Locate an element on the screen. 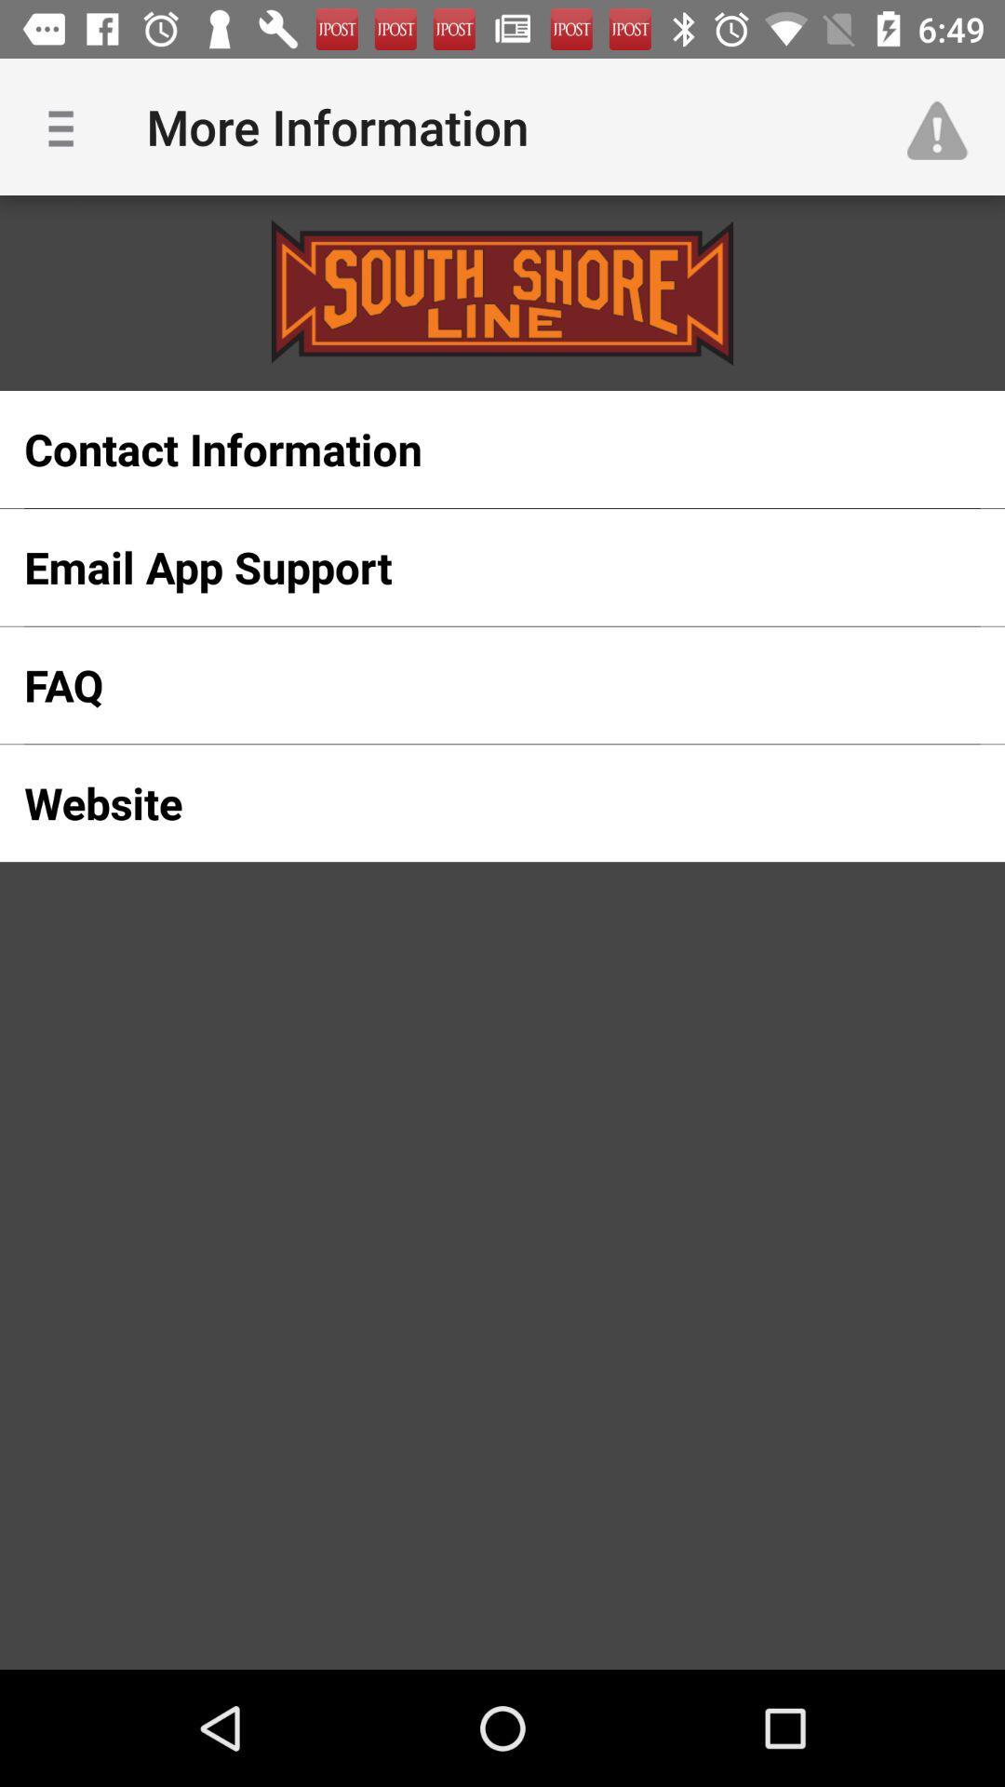 Image resolution: width=1005 pixels, height=1787 pixels. contact information item is located at coordinates (472, 450).